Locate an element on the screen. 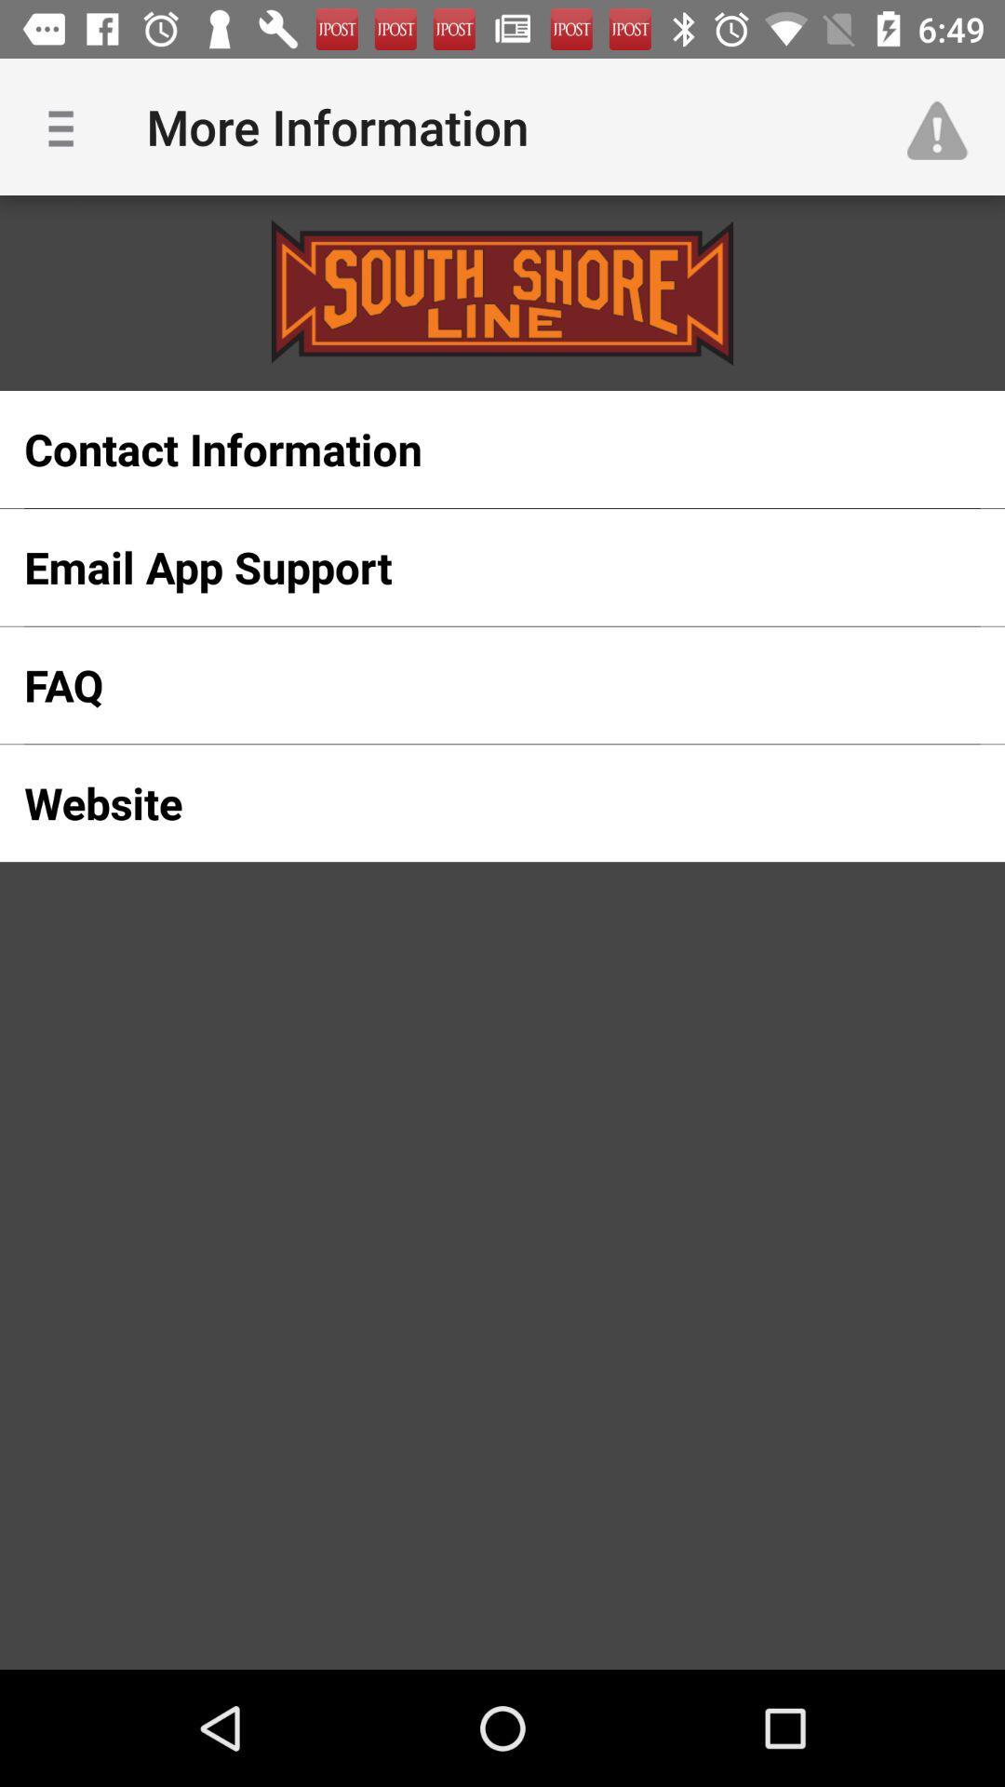 Image resolution: width=1005 pixels, height=1787 pixels. contact information item is located at coordinates (472, 450).